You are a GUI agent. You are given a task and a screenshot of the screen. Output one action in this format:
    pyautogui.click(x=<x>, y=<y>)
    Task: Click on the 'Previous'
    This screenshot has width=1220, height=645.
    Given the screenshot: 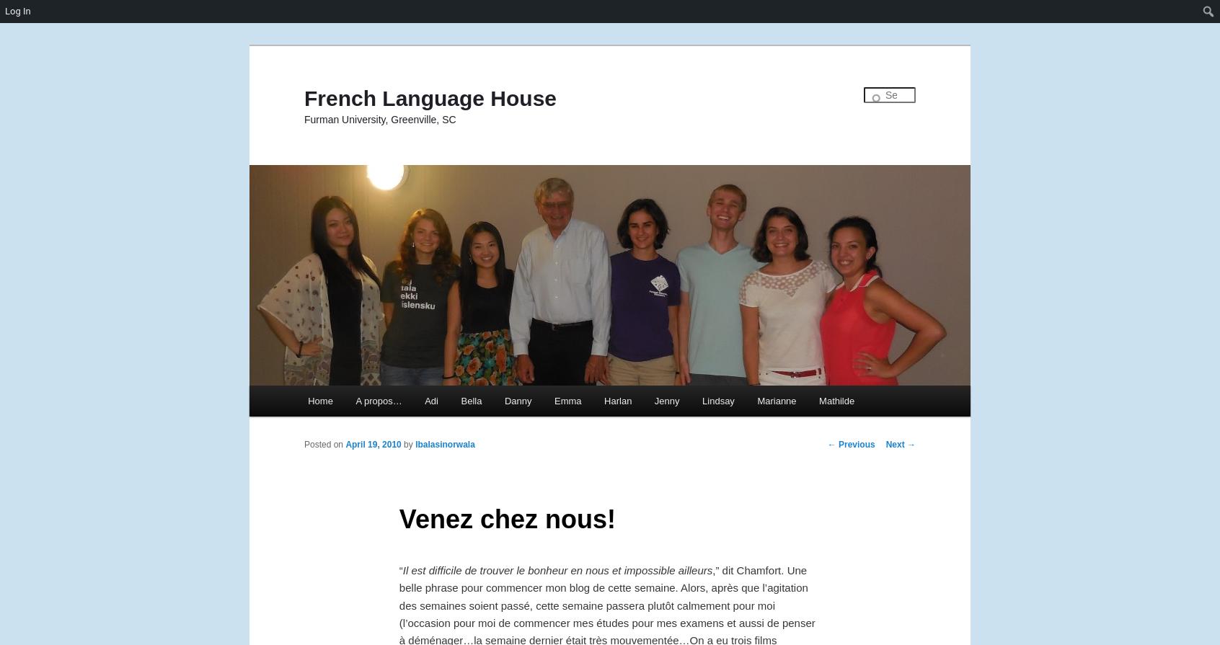 What is the action you would take?
    pyautogui.click(x=854, y=443)
    